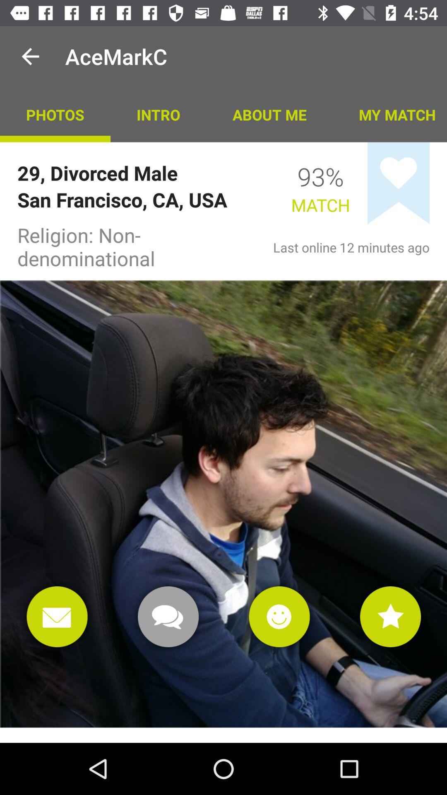 The height and width of the screenshot is (795, 447). What do you see at coordinates (269, 114) in the screenshot?
I see `the about me item` at bounding box center [269, 114].